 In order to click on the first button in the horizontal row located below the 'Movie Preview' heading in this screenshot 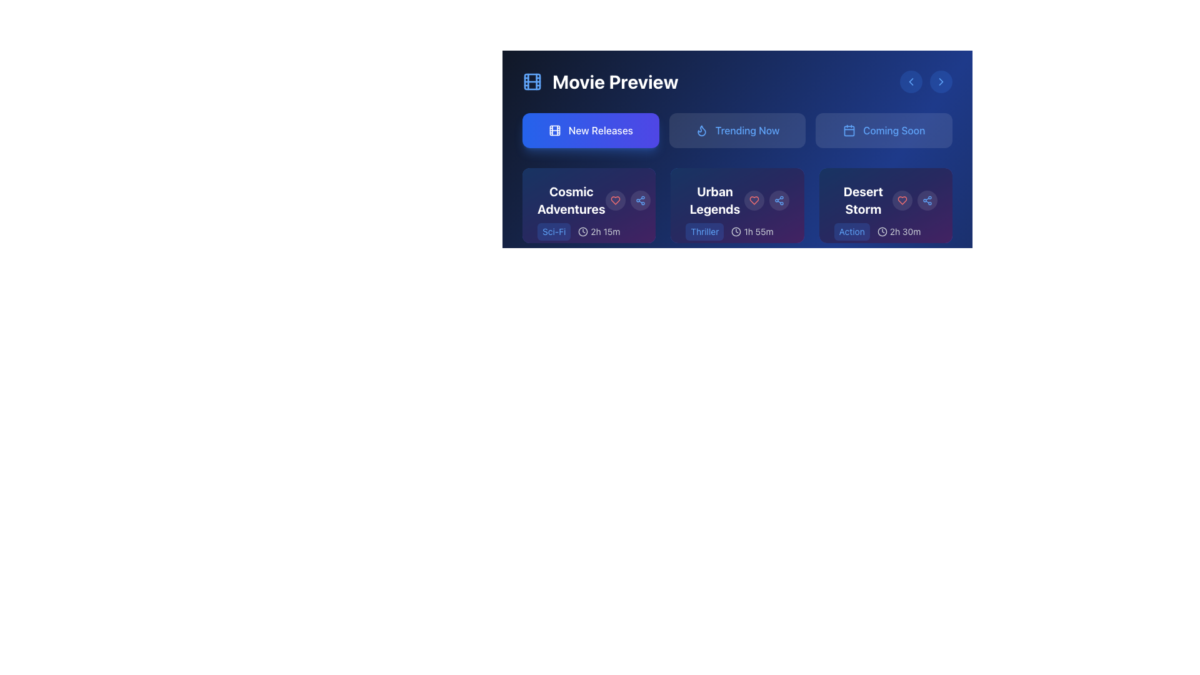, I will do `click(590, 130)`.